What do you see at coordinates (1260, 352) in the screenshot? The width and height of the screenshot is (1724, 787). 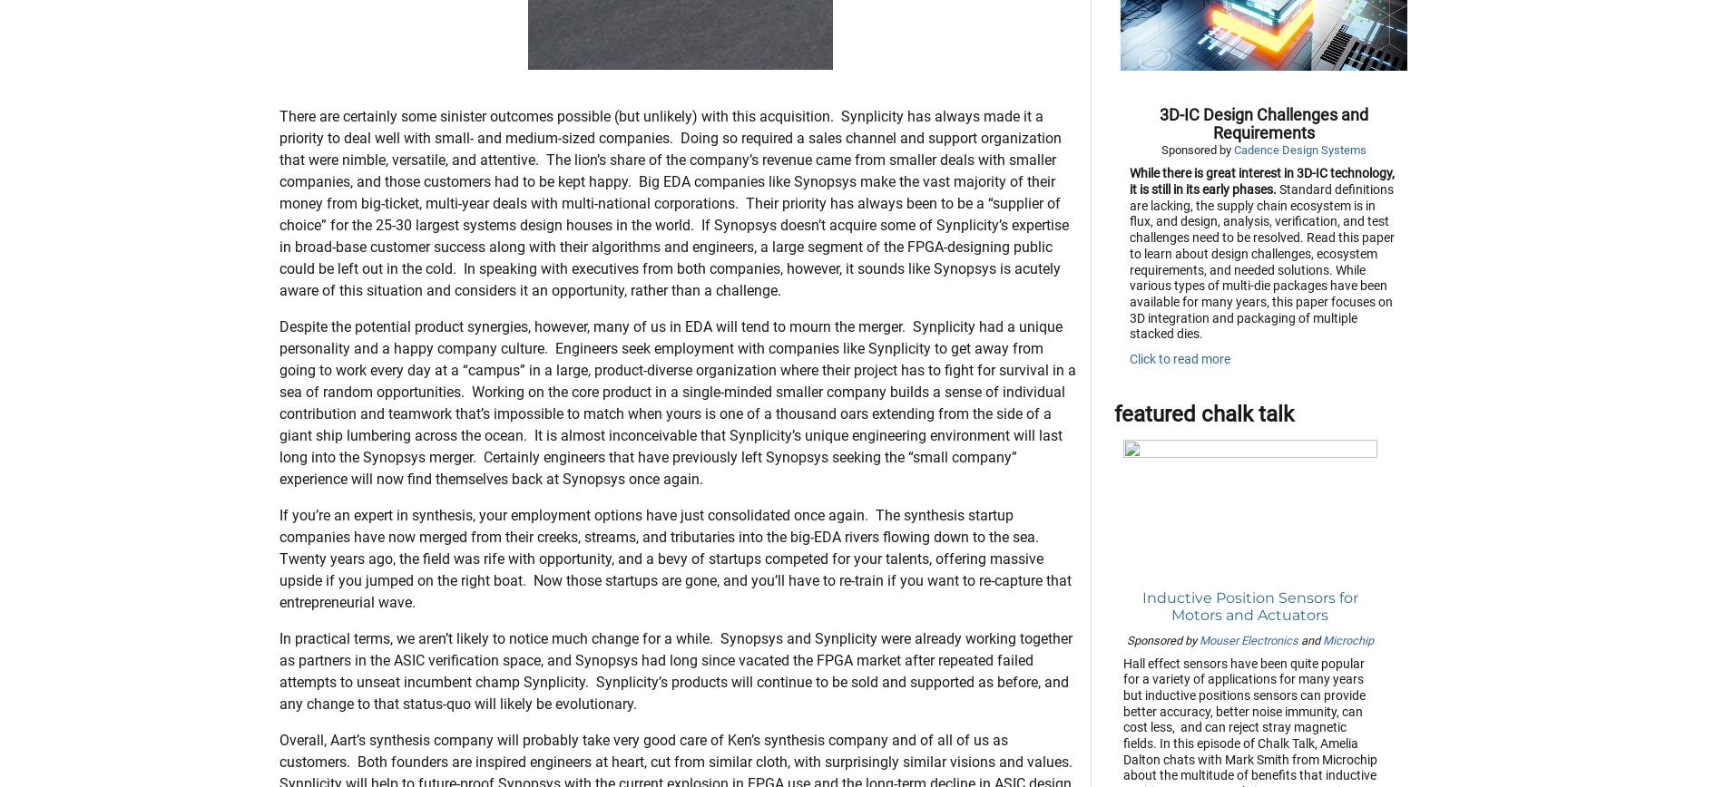 I see `'Standard definitions are lacking, the supply chain ecosystem is in flux, and design, analysis, verification, and test challenges need to be resolved. Read this paper to learn about design challenges, ecosystem requirements, and needed solutions. While various types of multi-die packages have been available for many years, this paper focuses on 3D integration and packaging of multiple stacked dies.'` at bounding box center [1260, 352].